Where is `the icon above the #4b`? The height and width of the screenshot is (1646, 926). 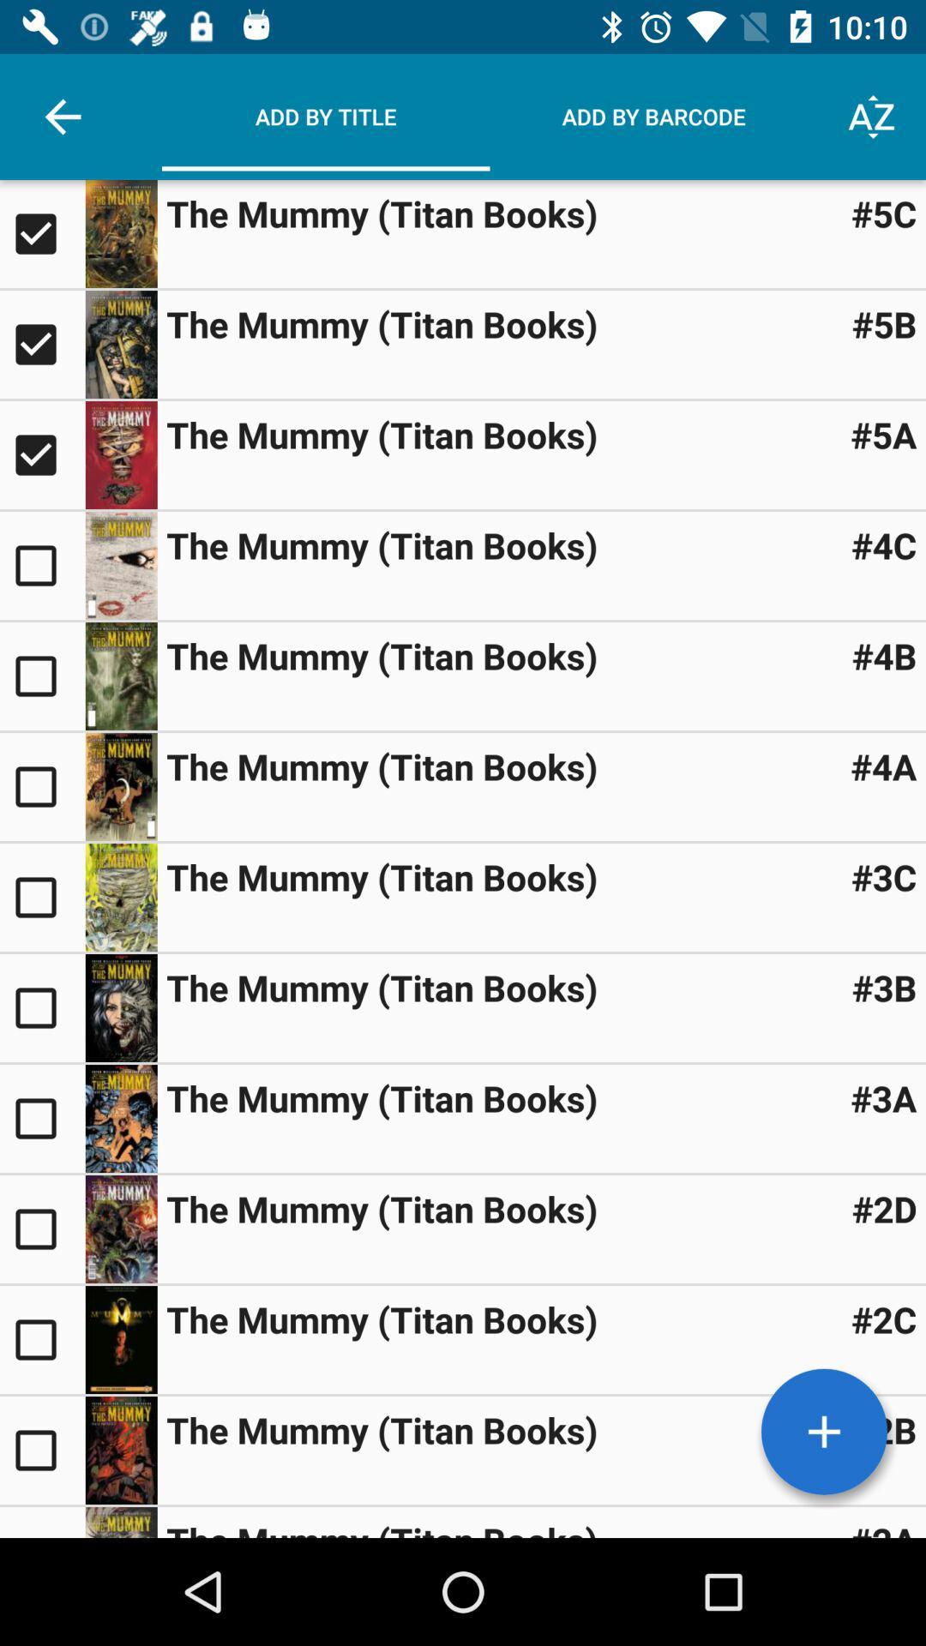 the icon above the #4b is located at coordinates (884, 544).